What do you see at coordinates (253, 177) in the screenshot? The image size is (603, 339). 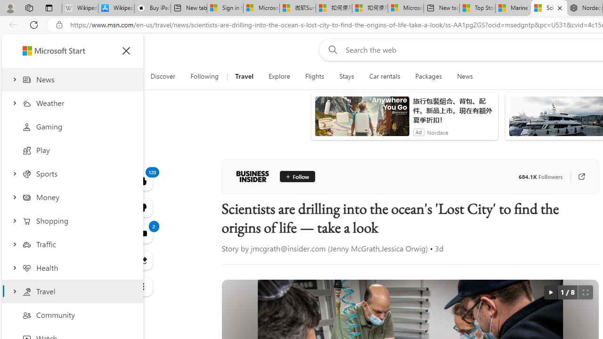 I see `'Business Insider'` at bounding box center [253, 177].